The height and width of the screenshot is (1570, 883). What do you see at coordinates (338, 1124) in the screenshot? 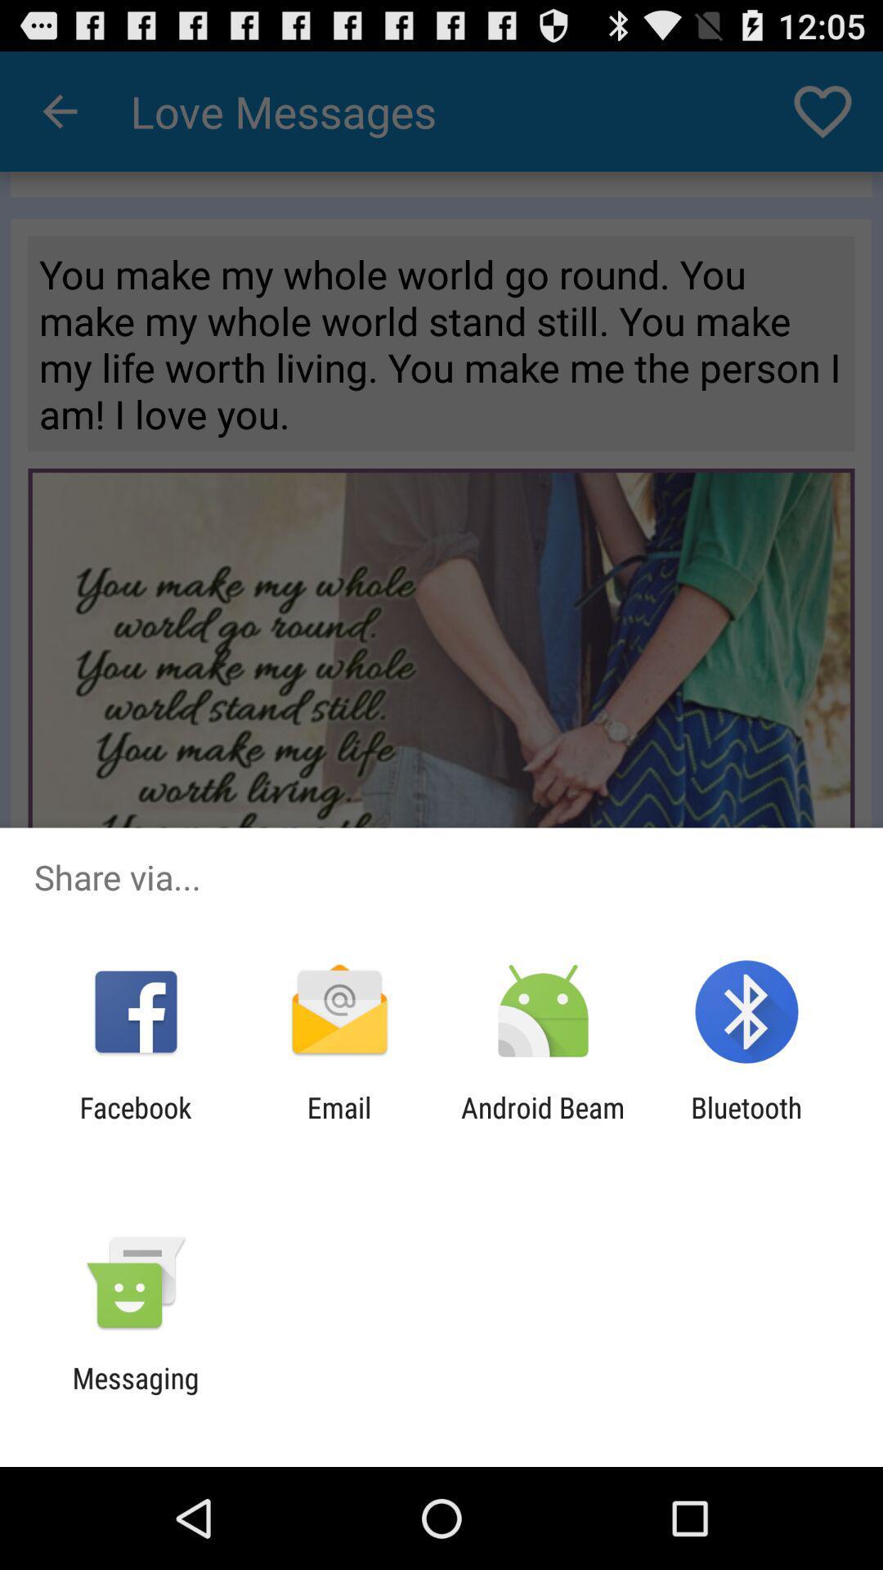
I see `the item next to the android beam item` at bounding box center [338, 1124].